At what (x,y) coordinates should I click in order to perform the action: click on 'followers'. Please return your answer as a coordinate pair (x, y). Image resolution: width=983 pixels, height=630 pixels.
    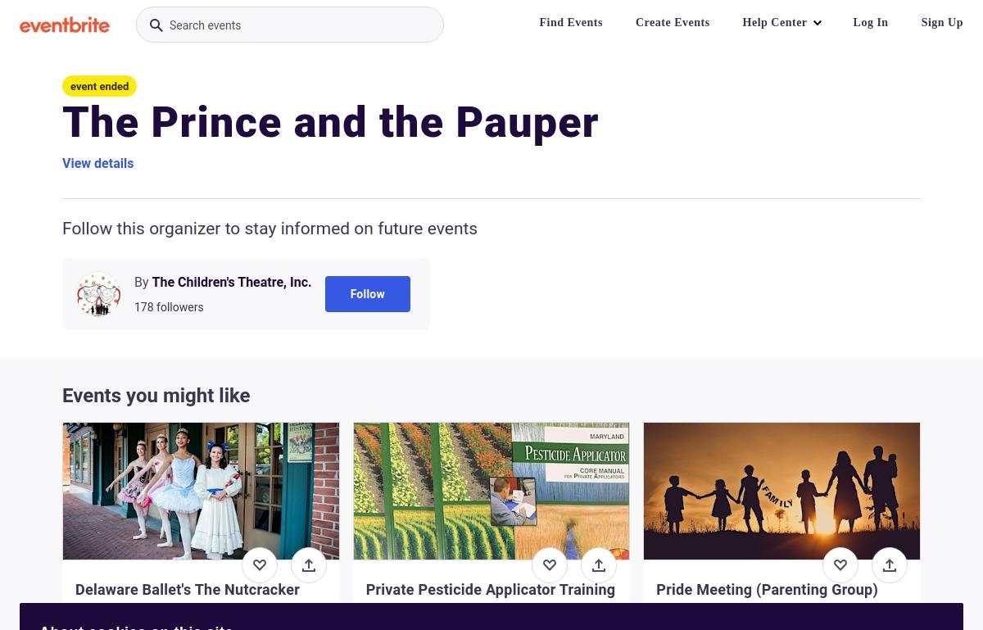
    Looking at the image, I should click on (179, 306).